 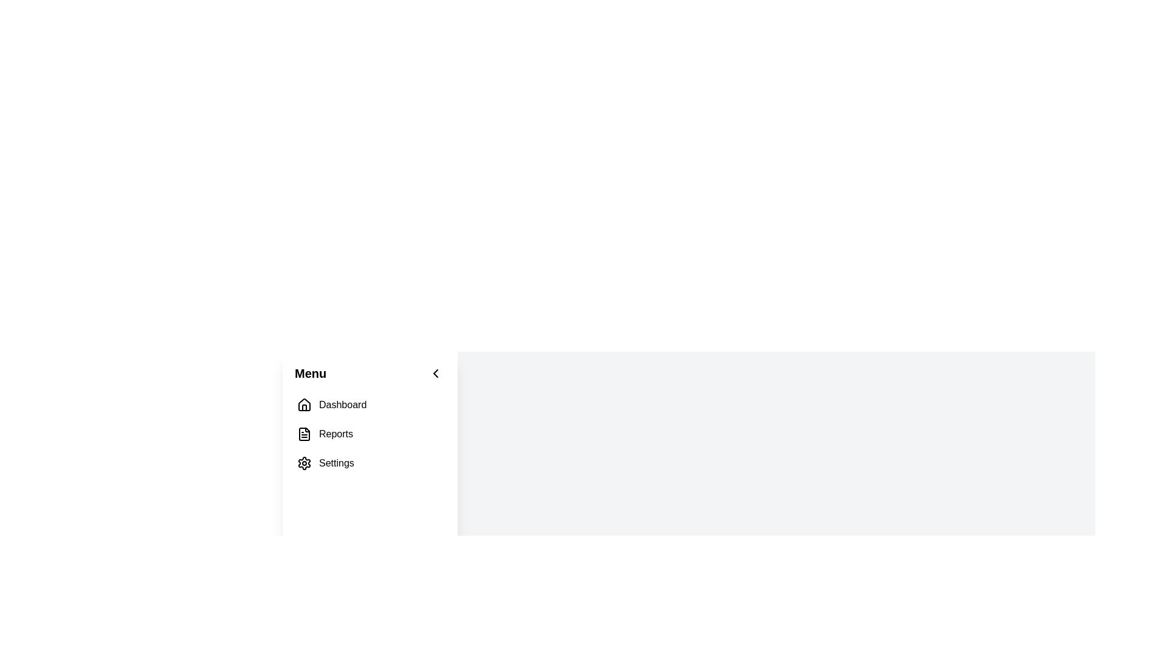 I want to click on the 'Settings' menu icon, so click(x=304, y=463).